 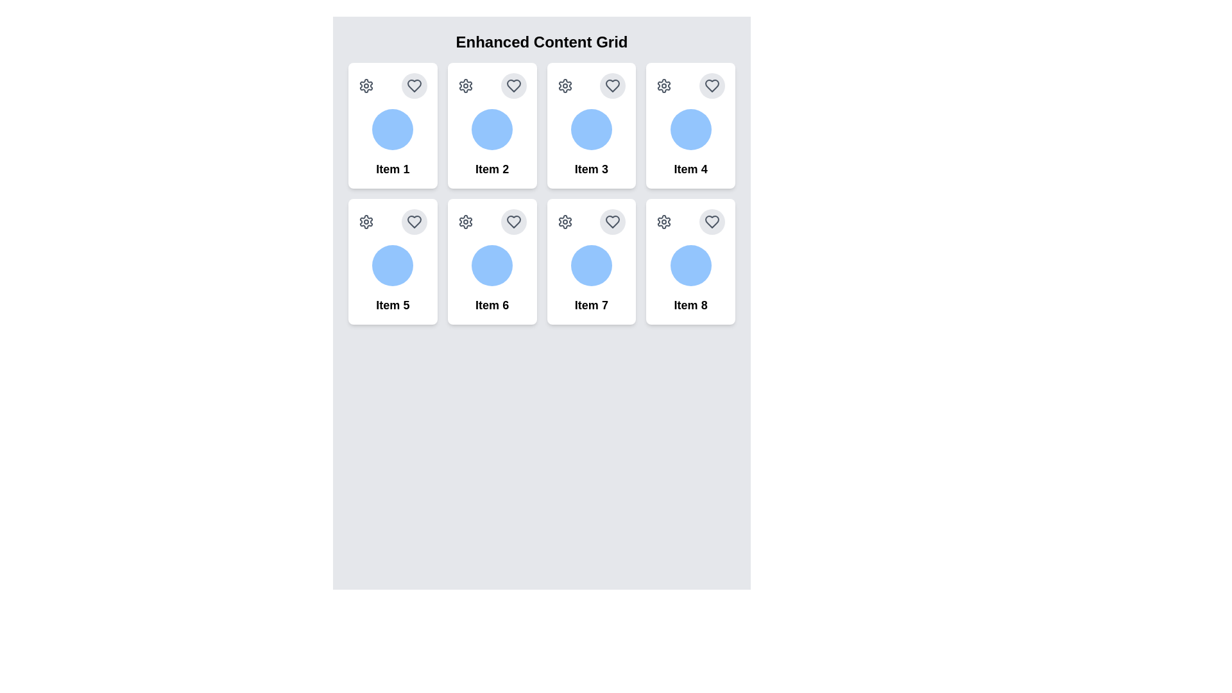 I want to click on the heart-shaped icon button located in the top-right corner of the 'Item 5' card, so click(x=414, y=221).